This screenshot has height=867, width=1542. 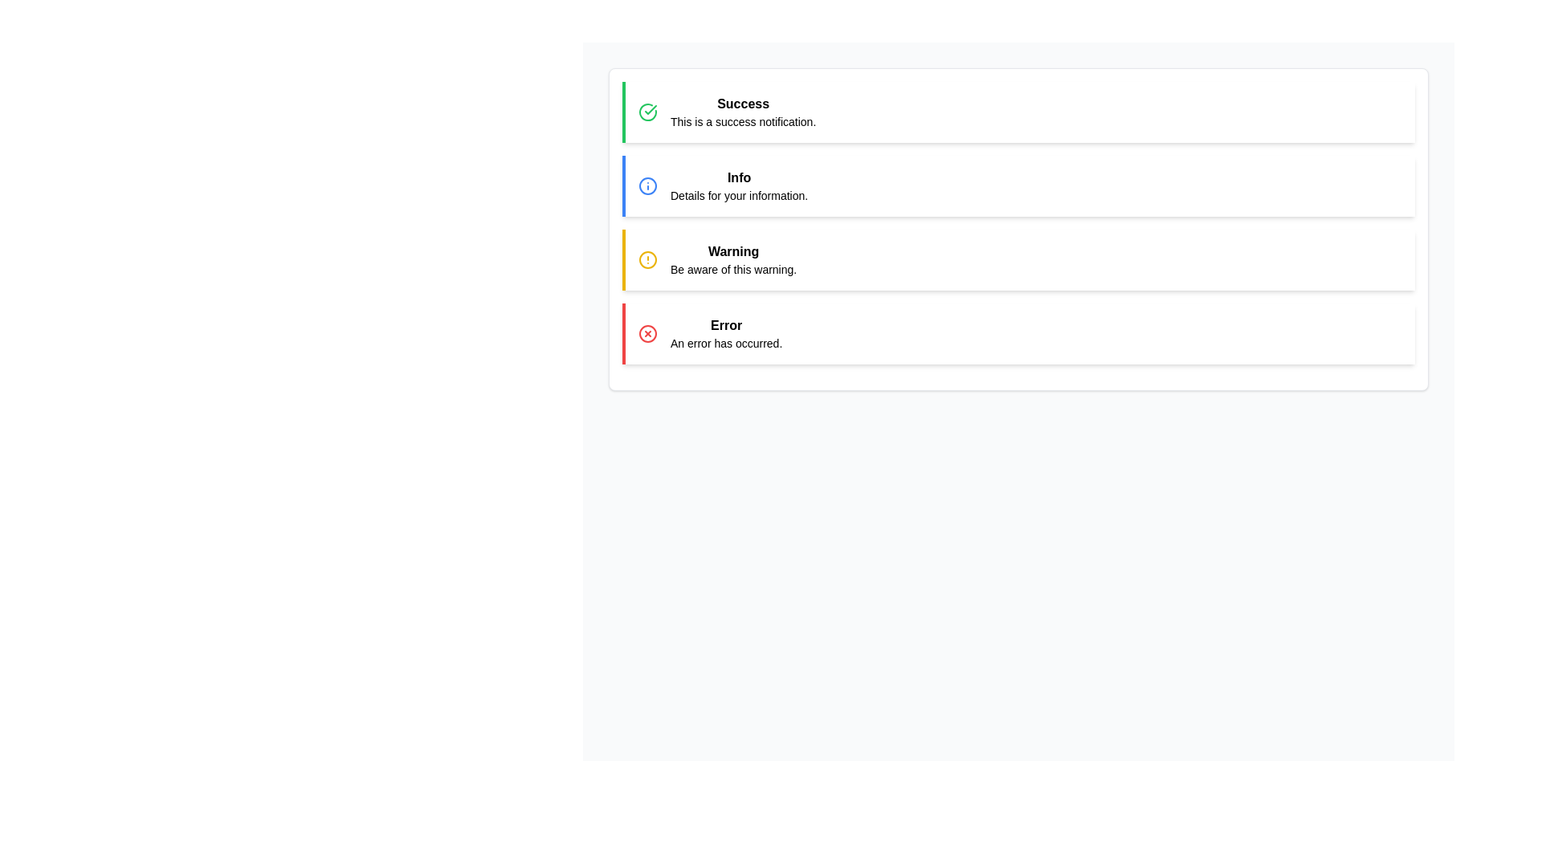 What do you see at coordinates (732, 259) in the screenshot?
I see `warning notification text located in the third notification box, which is positioned below the blue 'Info' notification and above the red 'Error' notification` at bounding box center [732, 259].